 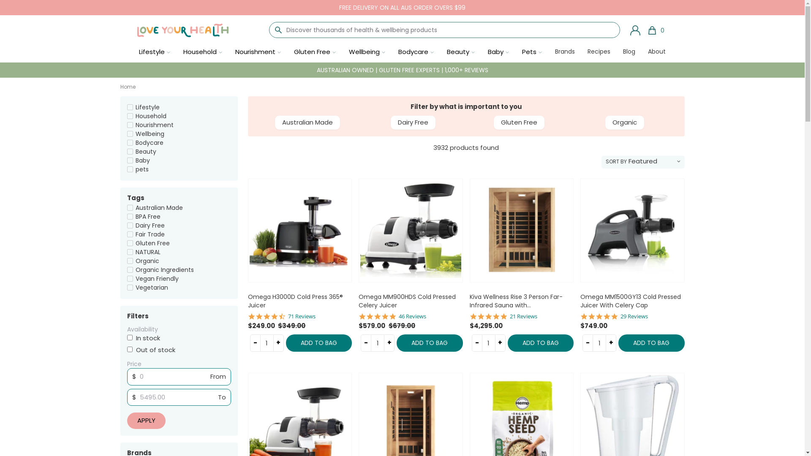 I want to click on 'Baby', so click(x=142, y=160).